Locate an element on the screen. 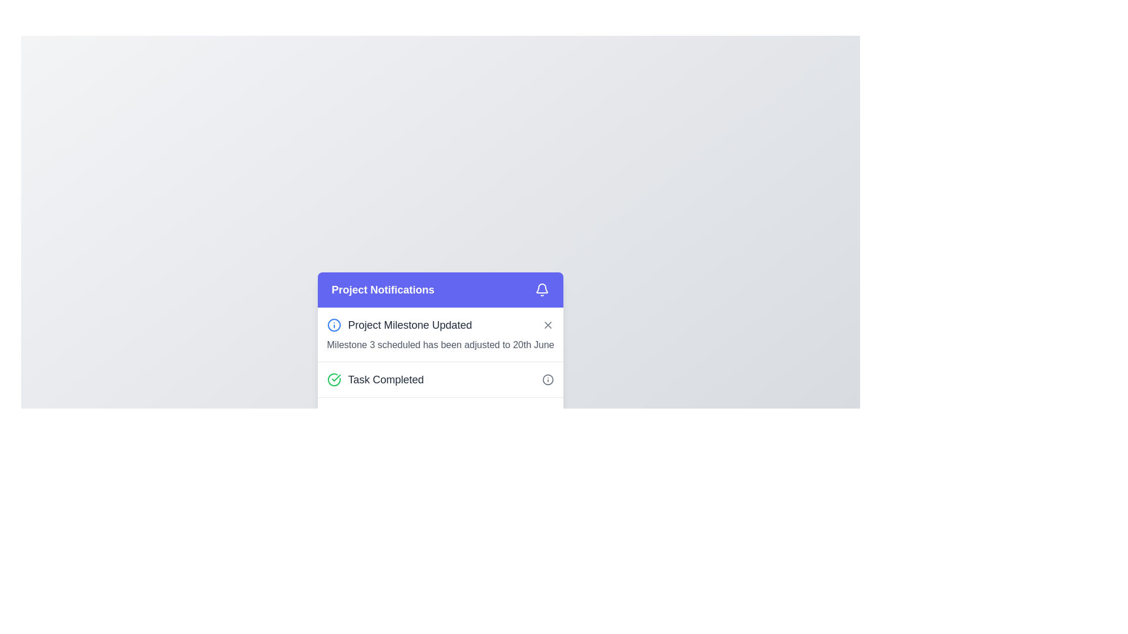 This screenshot has width=1128, height=634. the notification bell icon located in the top-right corner of the notification interface is located at coordinates (542, 288).